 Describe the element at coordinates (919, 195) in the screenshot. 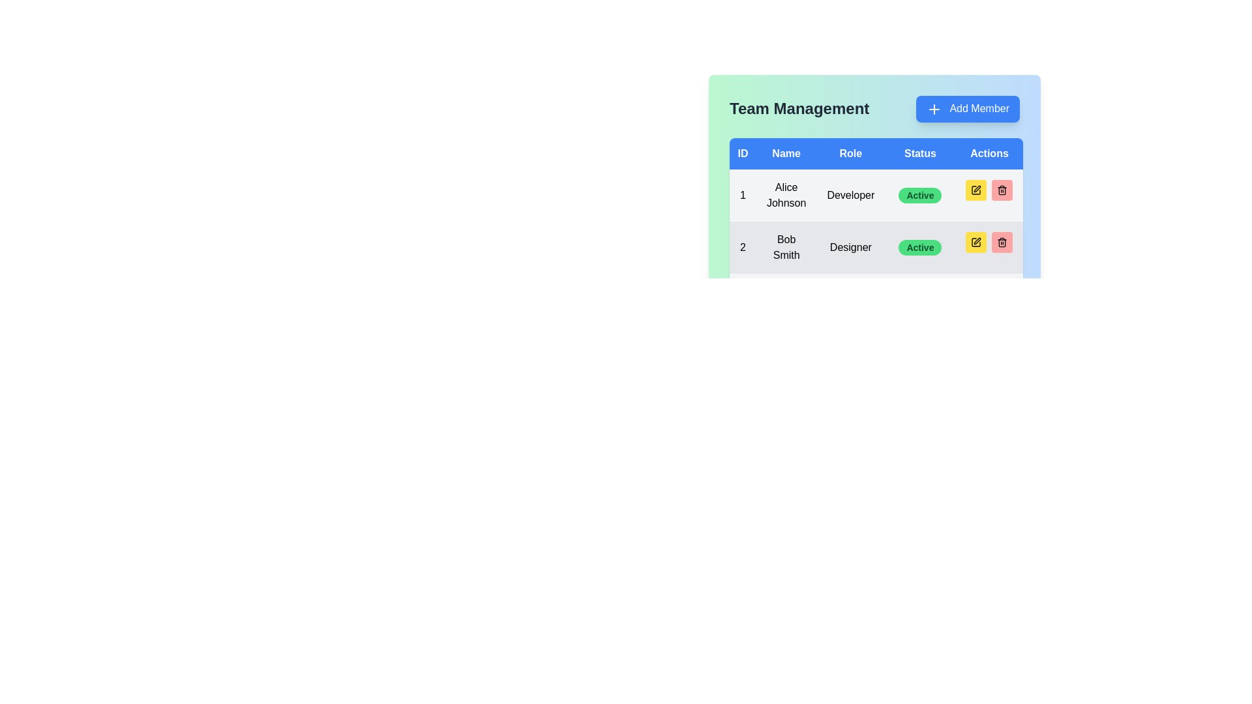

I see `the 'Active' status badge with a green background, indicating that Alice Johnson is currently active` at that location.